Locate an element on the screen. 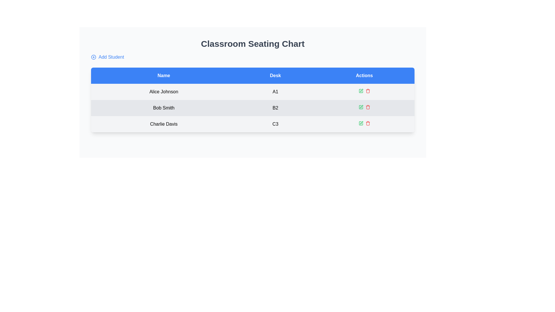 The width and height of the screenshot is (555, 312). the SVG icon resembling a square shape with a pen overlay located in the 'Actions' column of the table's first row, aligned is located at coordinates (360, 91).